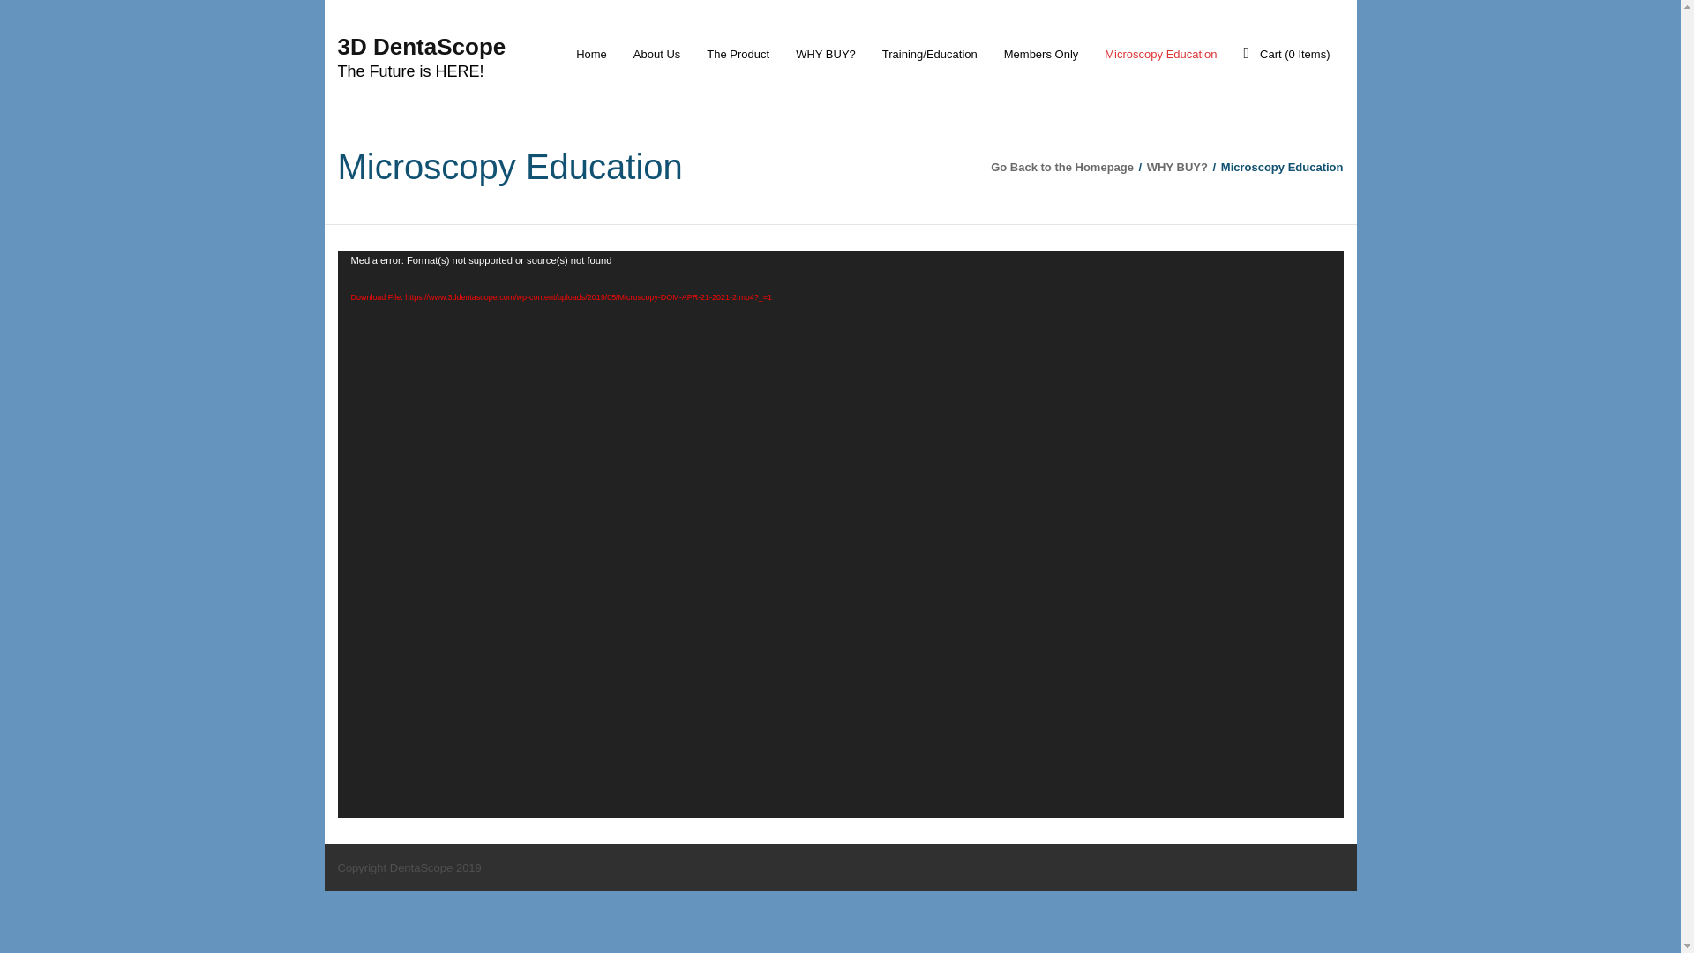  Describe the element at coordinates (738, 53) in the screenshot. I see `'The Product'` at that location.